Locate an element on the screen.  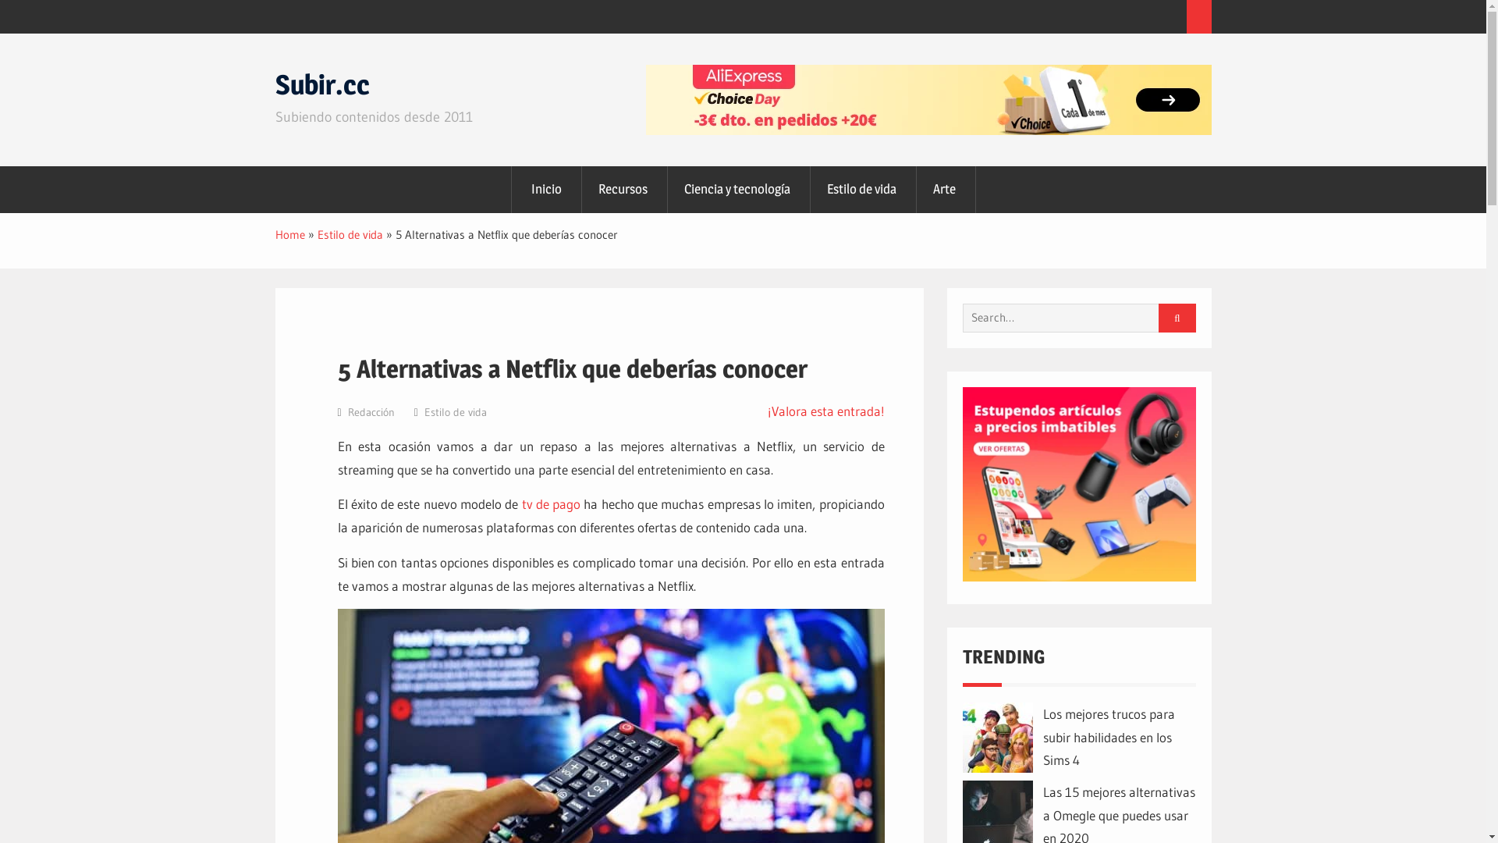
'Los mejores trucos para subir habilidades en los Sims 4' is located at coordinates (1042, 737).